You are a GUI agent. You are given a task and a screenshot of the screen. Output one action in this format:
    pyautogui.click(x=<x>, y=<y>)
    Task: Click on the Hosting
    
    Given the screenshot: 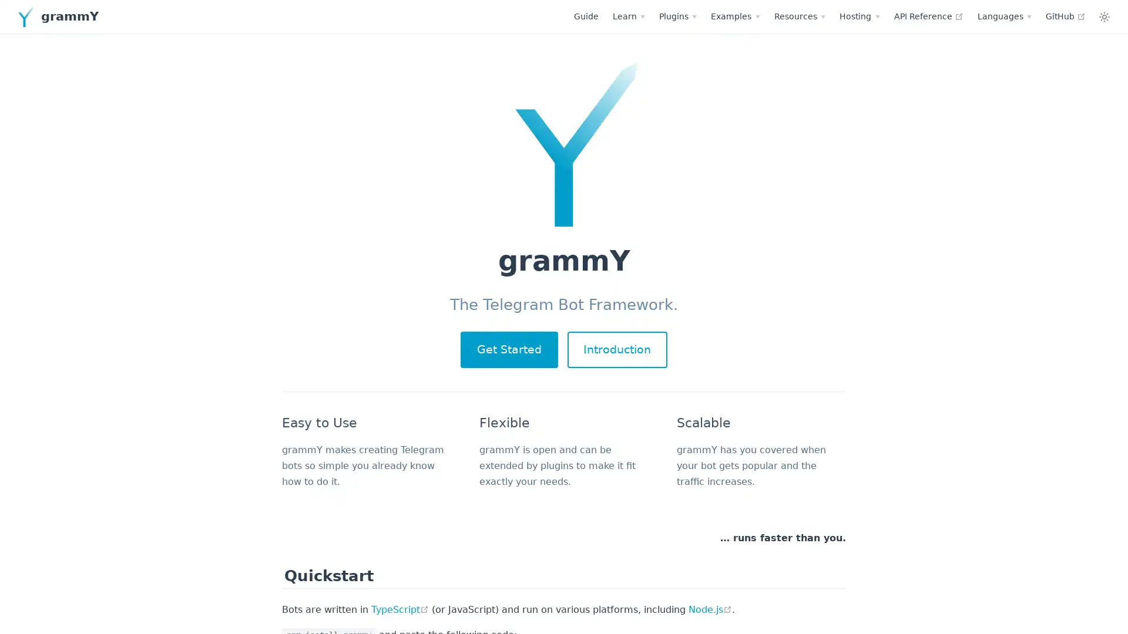 What is the action you would take?
    pyautogui.click(x=756, y=16)
    